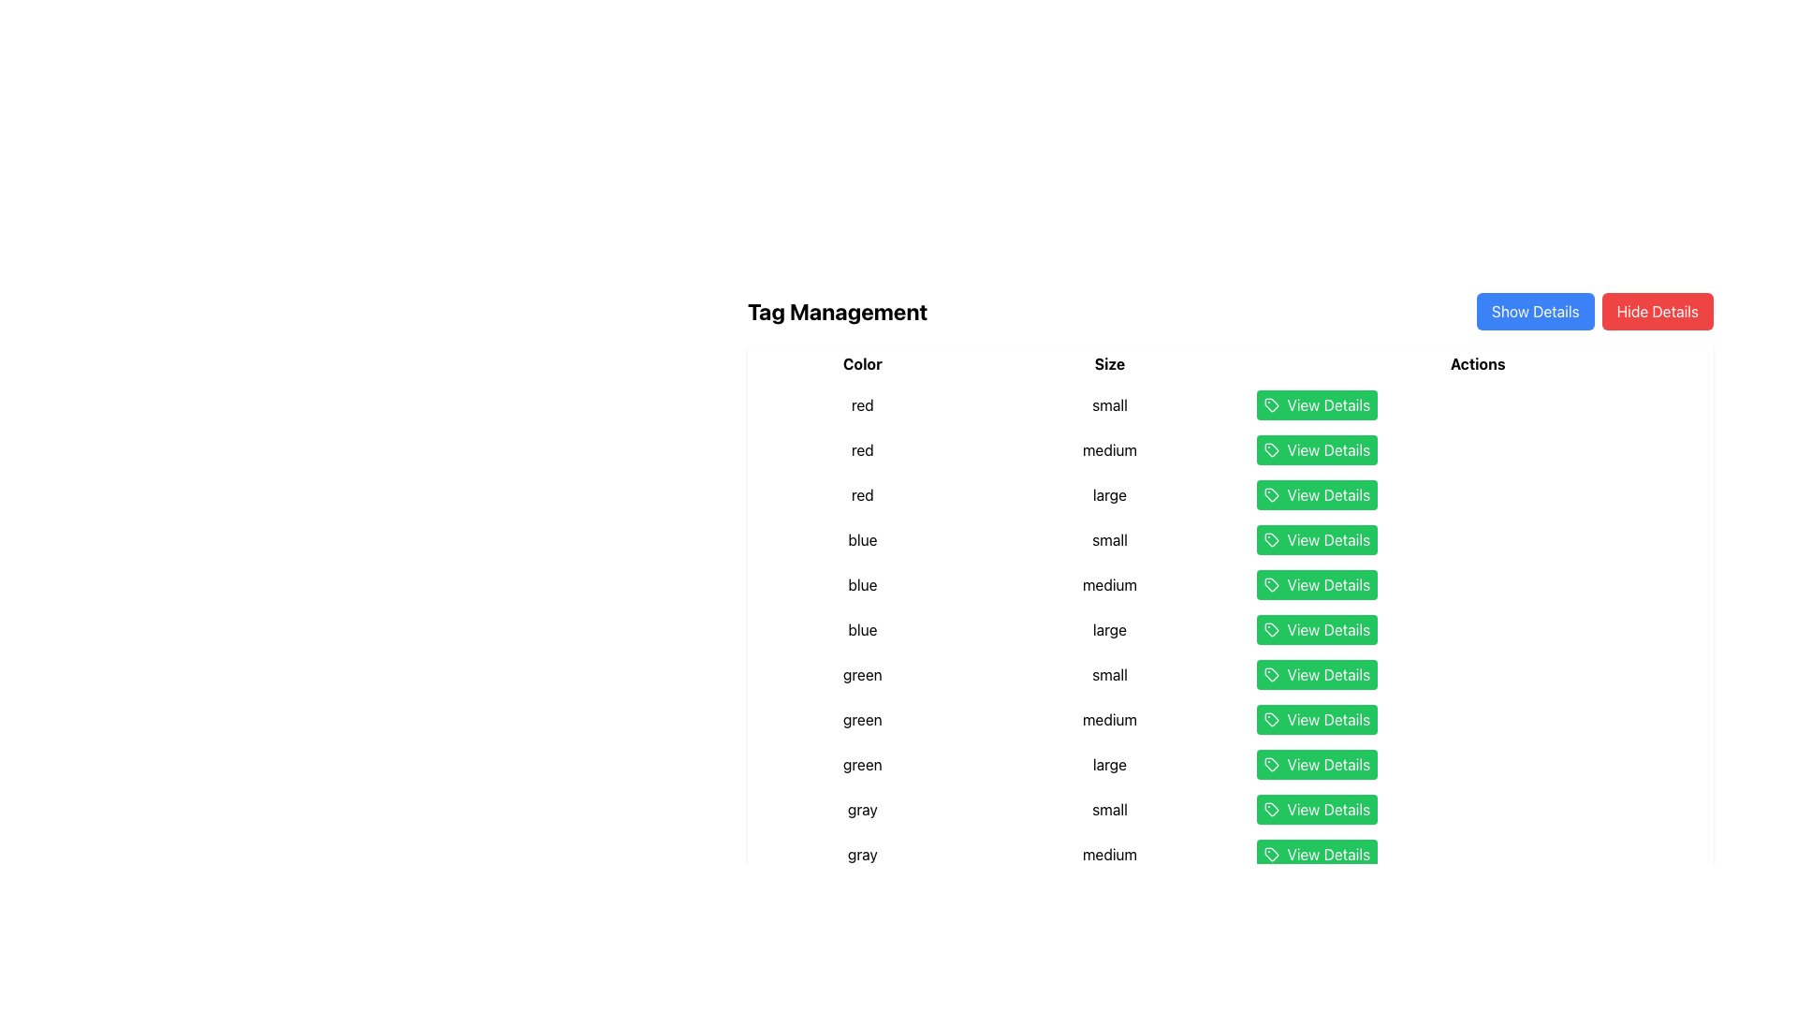 The height and width of the screenshot is (1011, 1797). What do you see at coordinates (861, 583) in the screenshot?
I see `text value 'blue' from the Text element located in the 'Color' column of the fifth row in the 'Tag Management' section of the table` at bounding box center [861, 583].